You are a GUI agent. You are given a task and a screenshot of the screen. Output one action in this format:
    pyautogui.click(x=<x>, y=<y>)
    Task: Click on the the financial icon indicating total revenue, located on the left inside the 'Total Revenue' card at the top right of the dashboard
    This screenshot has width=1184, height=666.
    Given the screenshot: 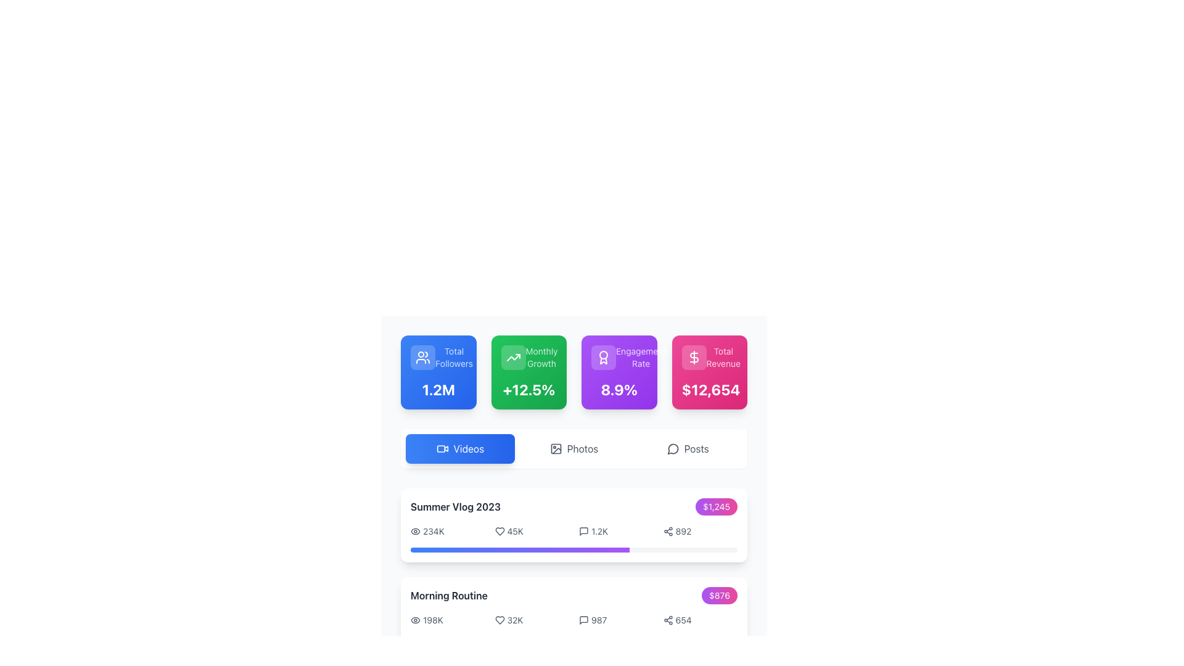 What is the action you would take?
    pyautogui.click(x=694, y=357)
    